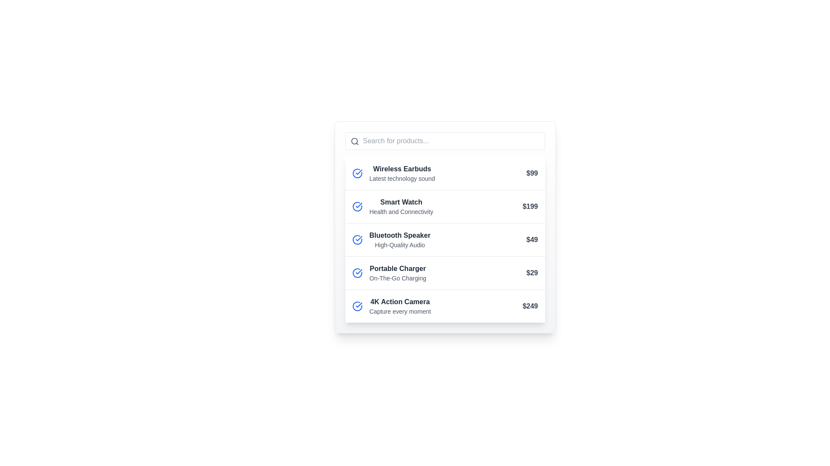 The image size is (830, 466). What do you see at coordinates (399, 245) in the screenshot?
I see `the text label 'High-Quality Audio' displayed in a small-sized gray font, located below the 'Bluetooth Speaker' text in the vertically aligned menu` at bounding box center [399, 245].